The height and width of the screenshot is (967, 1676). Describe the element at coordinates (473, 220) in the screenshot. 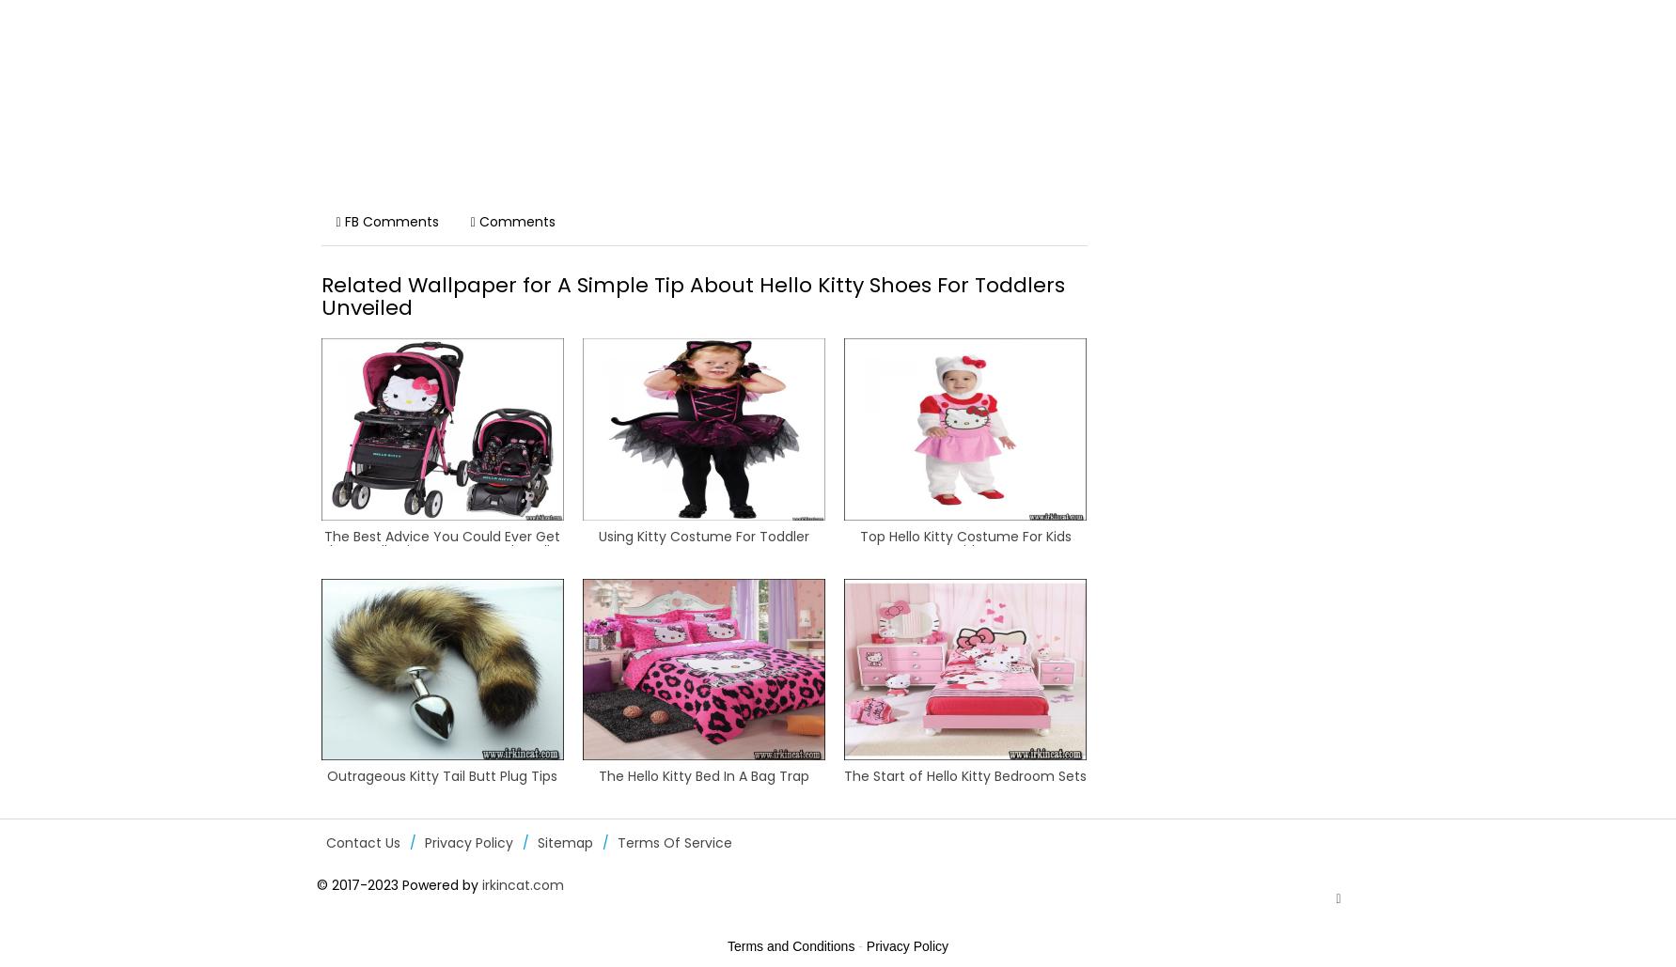

I see `'Comments'` at that location.